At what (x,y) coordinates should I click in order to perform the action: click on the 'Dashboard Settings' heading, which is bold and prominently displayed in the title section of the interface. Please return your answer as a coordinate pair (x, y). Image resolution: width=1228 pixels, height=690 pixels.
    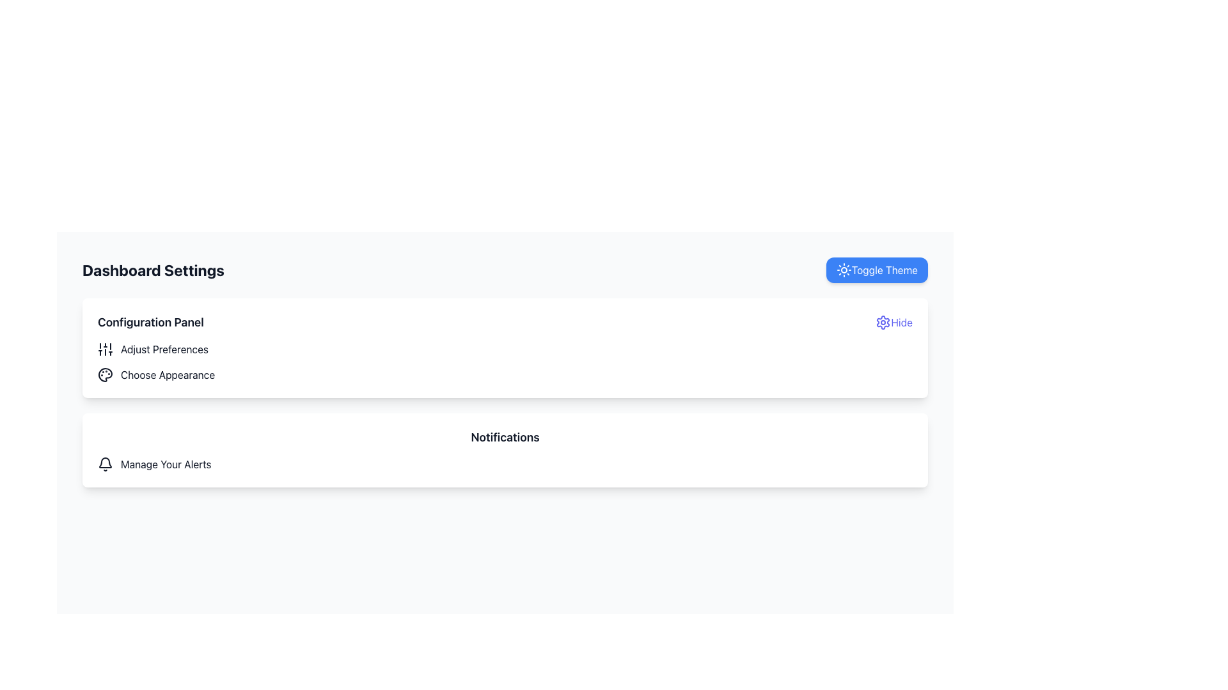
    Looking at the image, I should click on (153, 270).